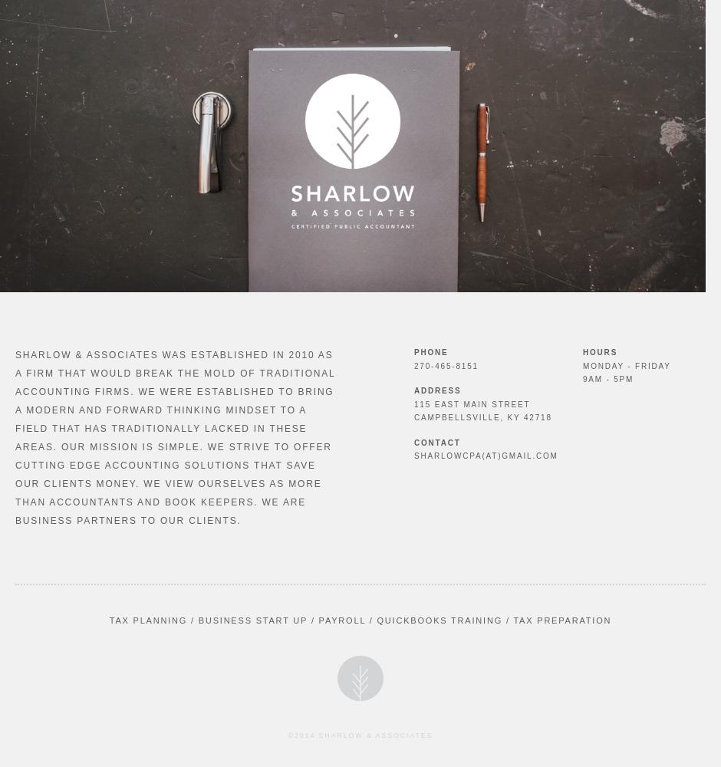  I want to click on 'Contact', so click(437, 441).